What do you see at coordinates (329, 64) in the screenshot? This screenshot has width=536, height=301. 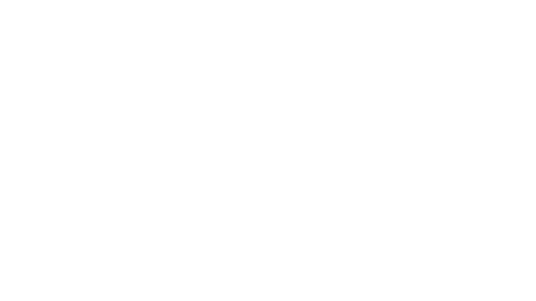 I see `Geoffroy Citegetse` at bounding box center [329, 64].